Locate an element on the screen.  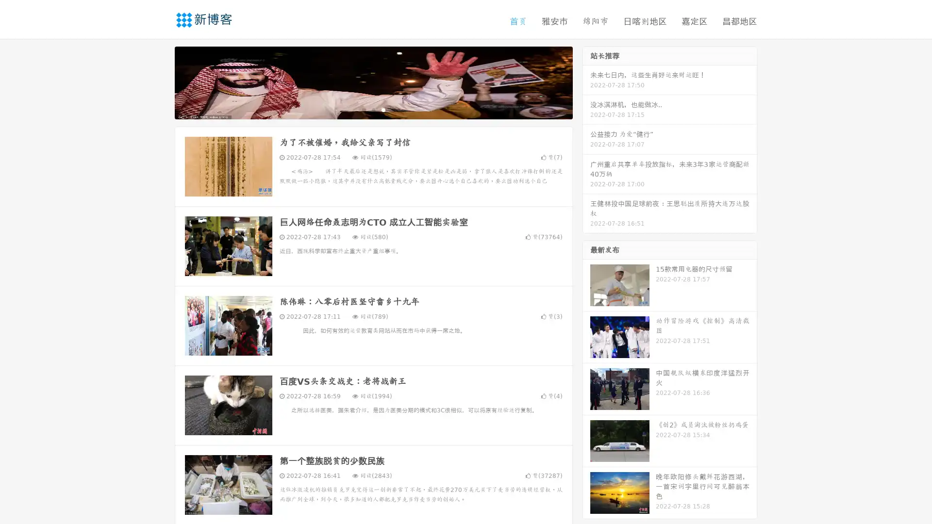
Go to slide 3 is located at coordinates (383, 109).